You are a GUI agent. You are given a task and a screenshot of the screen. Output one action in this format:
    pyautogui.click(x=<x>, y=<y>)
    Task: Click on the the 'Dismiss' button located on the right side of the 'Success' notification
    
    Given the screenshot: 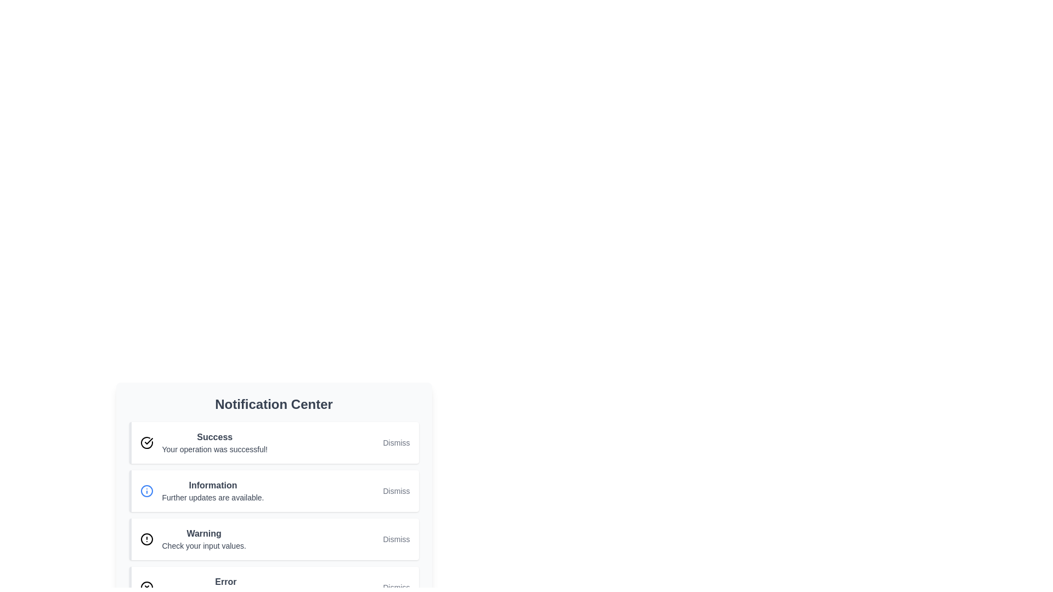 What is the action you would take?
    pyautogui.click(x=396, y=442)
    